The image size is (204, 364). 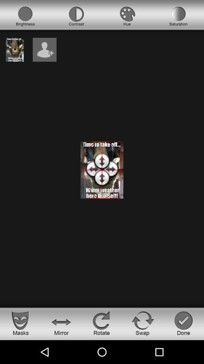 What do you see at coordinates (76, 16) in the screenshot?
I see `contrast option` at bounding box center [76, 16].